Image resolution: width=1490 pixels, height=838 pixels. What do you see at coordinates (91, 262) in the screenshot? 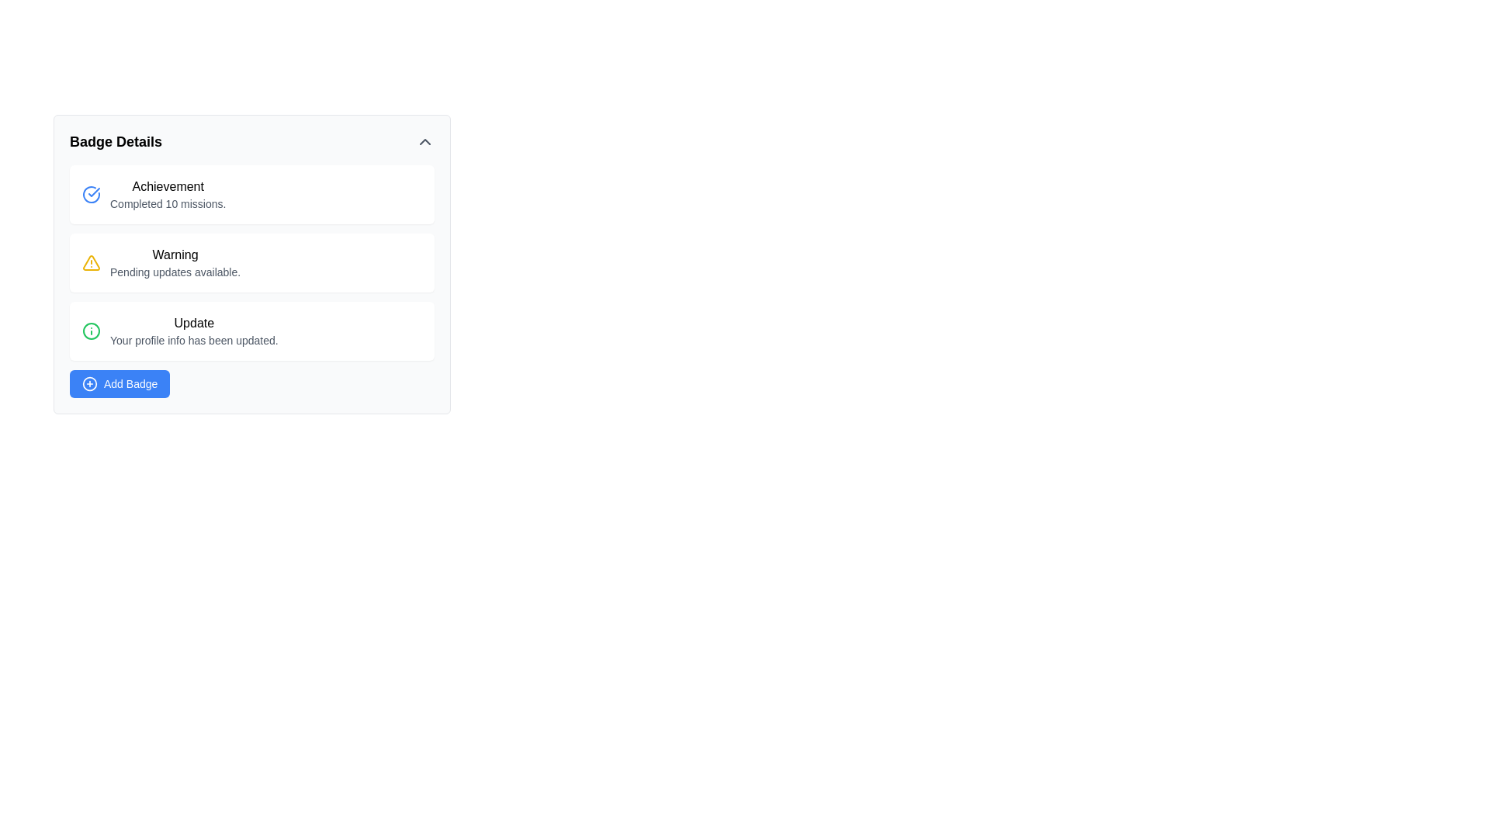
I see `the warning icon located in the first visible position of the warning card that contains the text 'Warning' and 'Pending updates available.'` at bounding box center [91, 262].